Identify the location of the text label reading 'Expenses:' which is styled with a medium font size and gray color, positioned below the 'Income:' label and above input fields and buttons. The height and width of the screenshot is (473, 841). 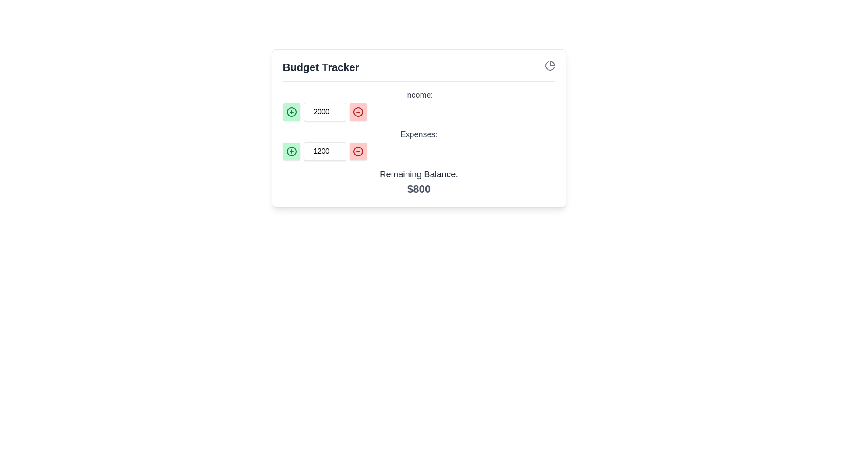
(418, 134).